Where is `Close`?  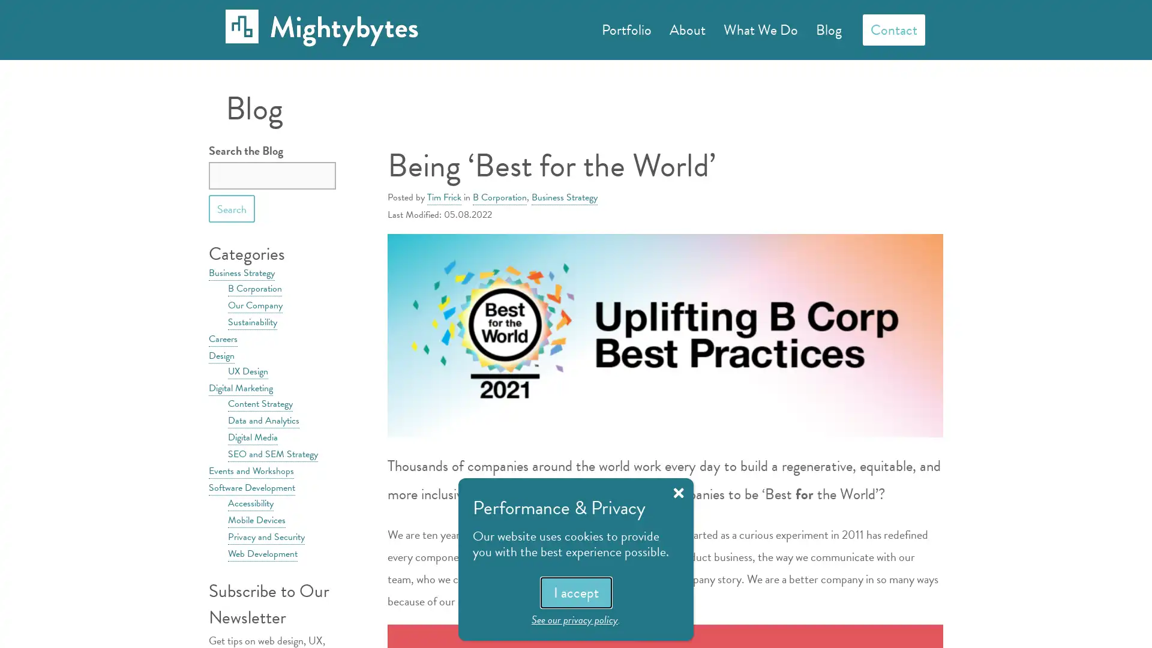
Close is located at coordinates (679, 493).